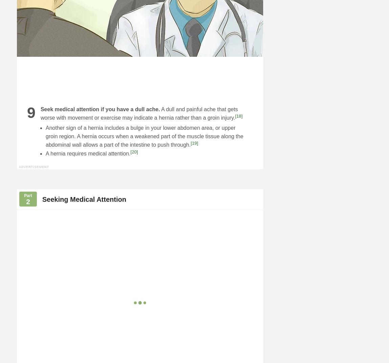  Describe the element at coordinates (144, 136) in the screenshot. I see `'Another sign of a hernia includes a bulge in your lower abdomen area, or upper groin region. A hernia occurs when a weakened part of the muscle tissue along the abdominal wall allows a part of the intestine to push through.'` at that location.